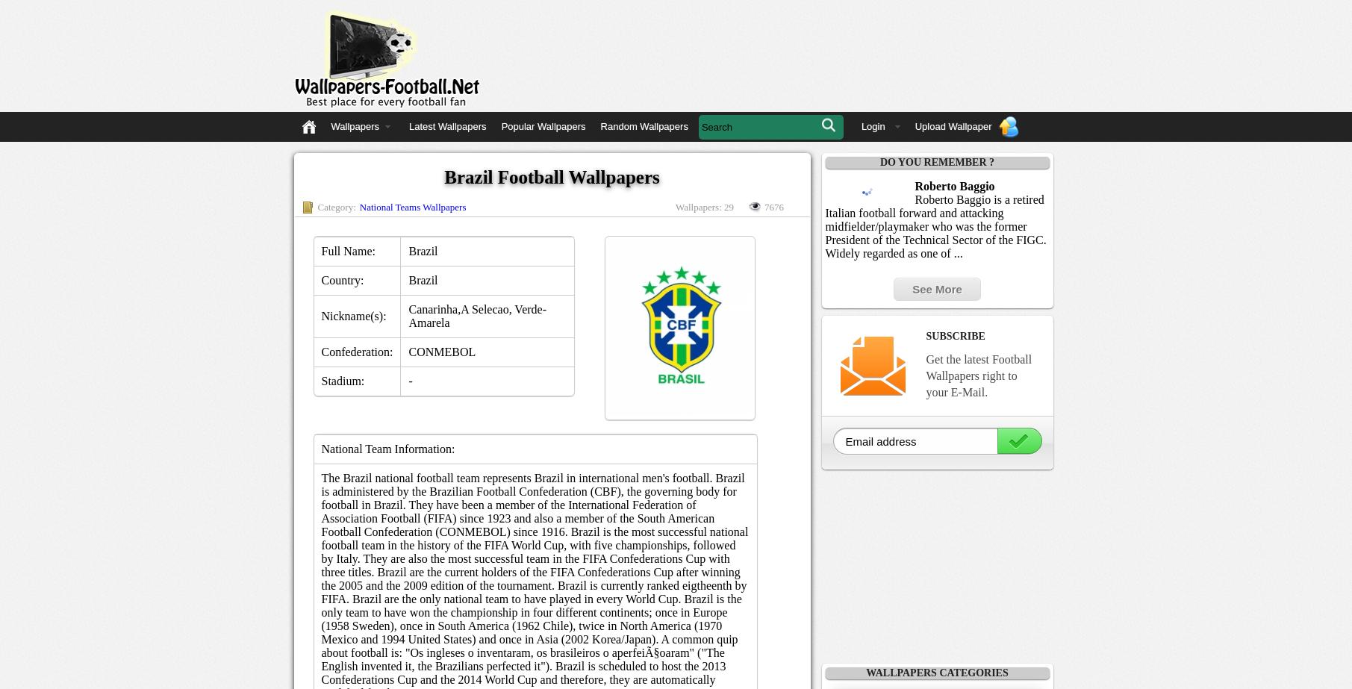  Describe the element at coordinates (408, 126) in the screenshot. I see `'Latest Wallpapers'` at that location.